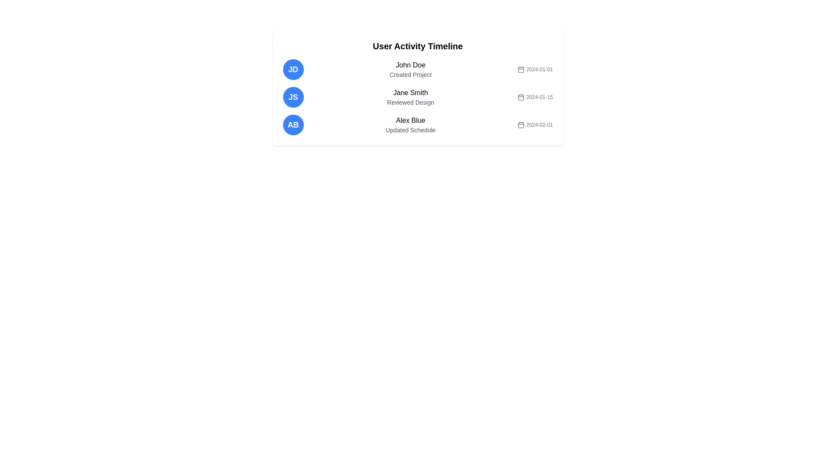 The height and width of the screenshot is (467, 831). Describe the element at coordinates (410, 130) in the screenshot. I see `the text label providing supplementary information below 'Alex Blue'` at that location.